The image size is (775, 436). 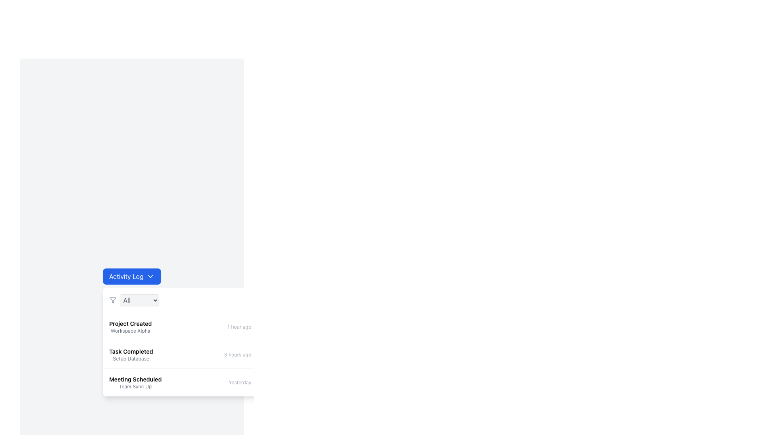 What do you see at coordinates (112, 300) in the screenshot?
I see `the filter icon located inside the dropdown menu, adjacent to the 'All' button, in the top-left corner of the dropdown panel near the 'Activity Log' heading` at bounding box center [112, 300].